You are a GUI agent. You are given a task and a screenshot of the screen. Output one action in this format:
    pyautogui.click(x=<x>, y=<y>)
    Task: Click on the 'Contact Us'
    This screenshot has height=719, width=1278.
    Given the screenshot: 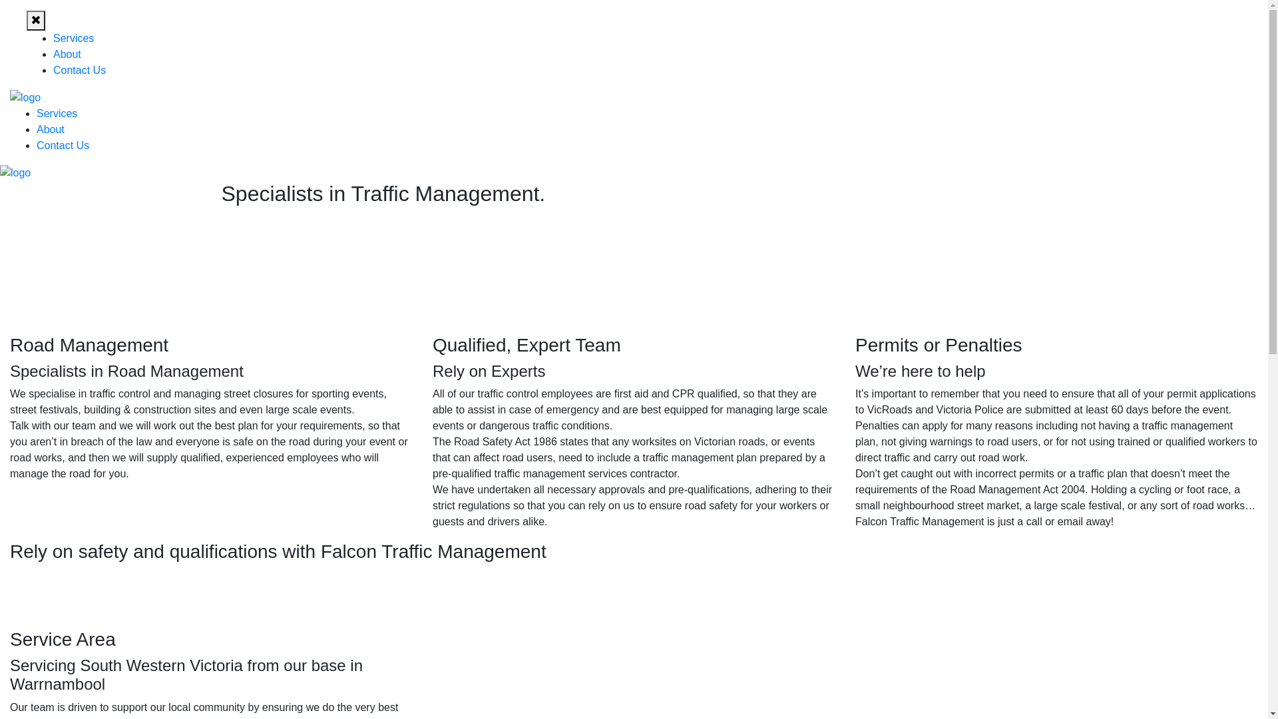 What is the action you would take?
    pyautogui.click(x=79, y=70)
    